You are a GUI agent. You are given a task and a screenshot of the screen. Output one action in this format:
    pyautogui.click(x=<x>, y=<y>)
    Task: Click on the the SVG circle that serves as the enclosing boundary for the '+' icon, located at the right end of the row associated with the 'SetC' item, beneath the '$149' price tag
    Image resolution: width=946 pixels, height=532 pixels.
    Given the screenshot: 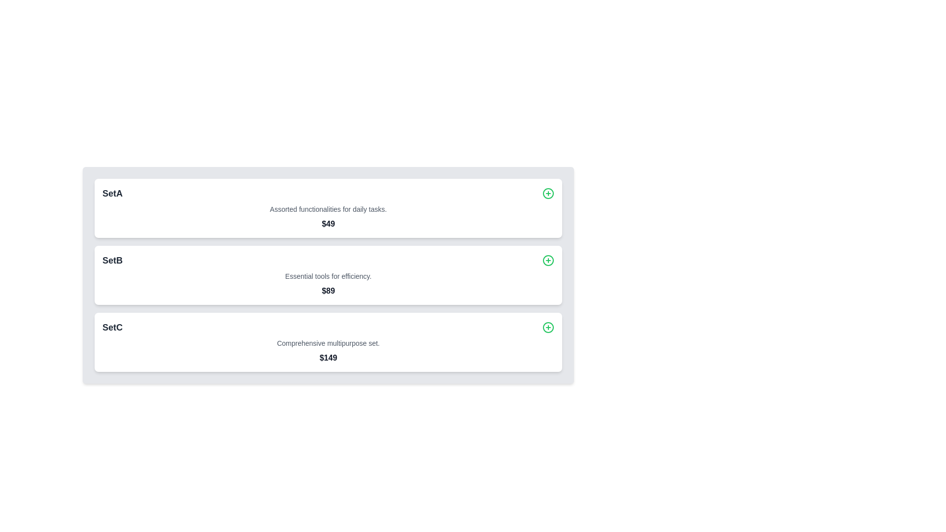 What is the action you would take?
    pyautogui.click(x=548, y=327)
    